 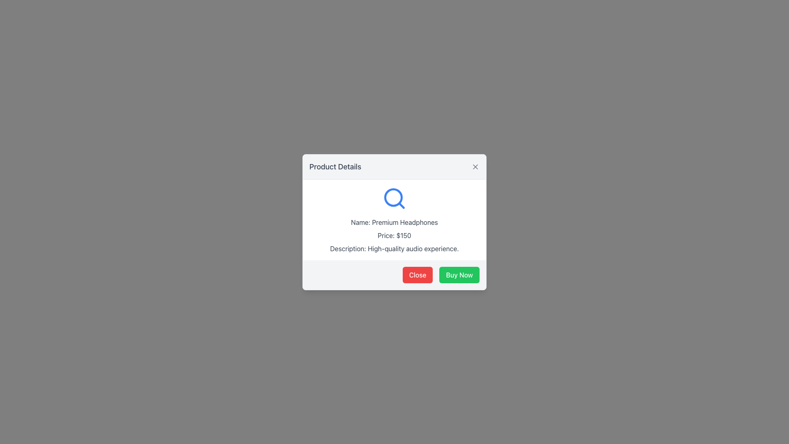 I want to click on text from the title label located at the top-left corner of the modal dialog box, so click(x=335, y=166).